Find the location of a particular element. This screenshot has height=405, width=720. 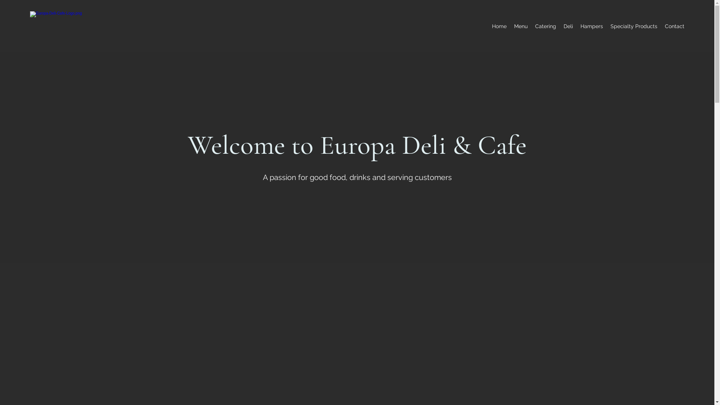

'Deli' is located at coordinates (568, 25).